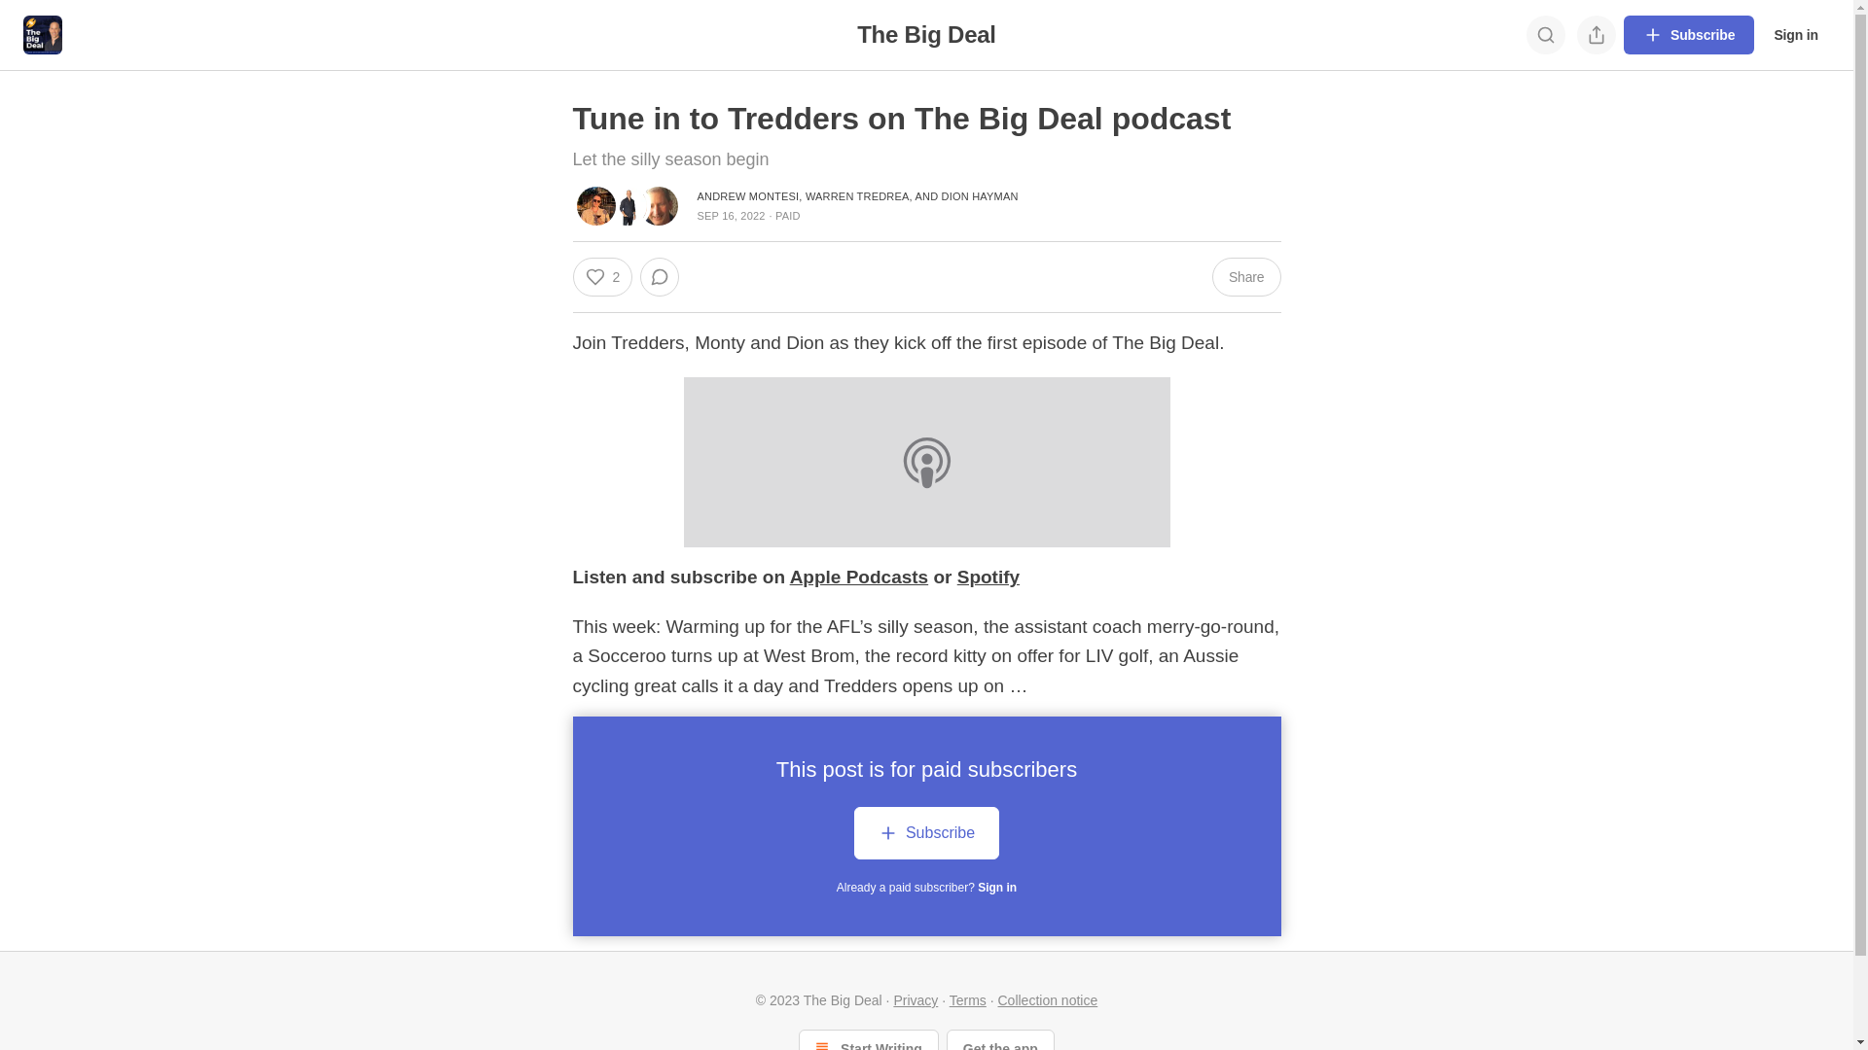 The image size is (1868, 1050). Describe the element at coordinates (1688, 34) in the screenshot. I see `'Subscribe'` at that location.